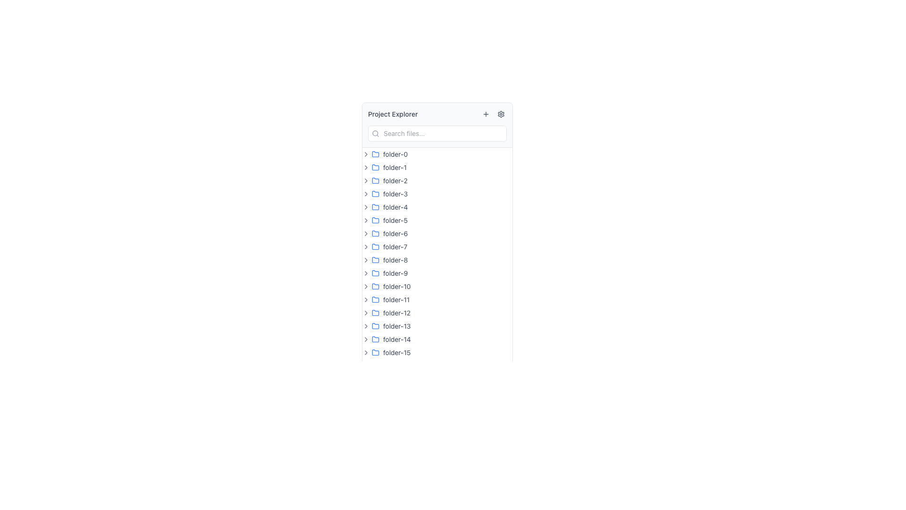 This screenshot has height=510, width=906. What do you see at coordinates (397, 313) in the screenshot?
I see `the static text label for 'folder-12' in the navigation list to identify the folder` at bounding box center [397, 313].